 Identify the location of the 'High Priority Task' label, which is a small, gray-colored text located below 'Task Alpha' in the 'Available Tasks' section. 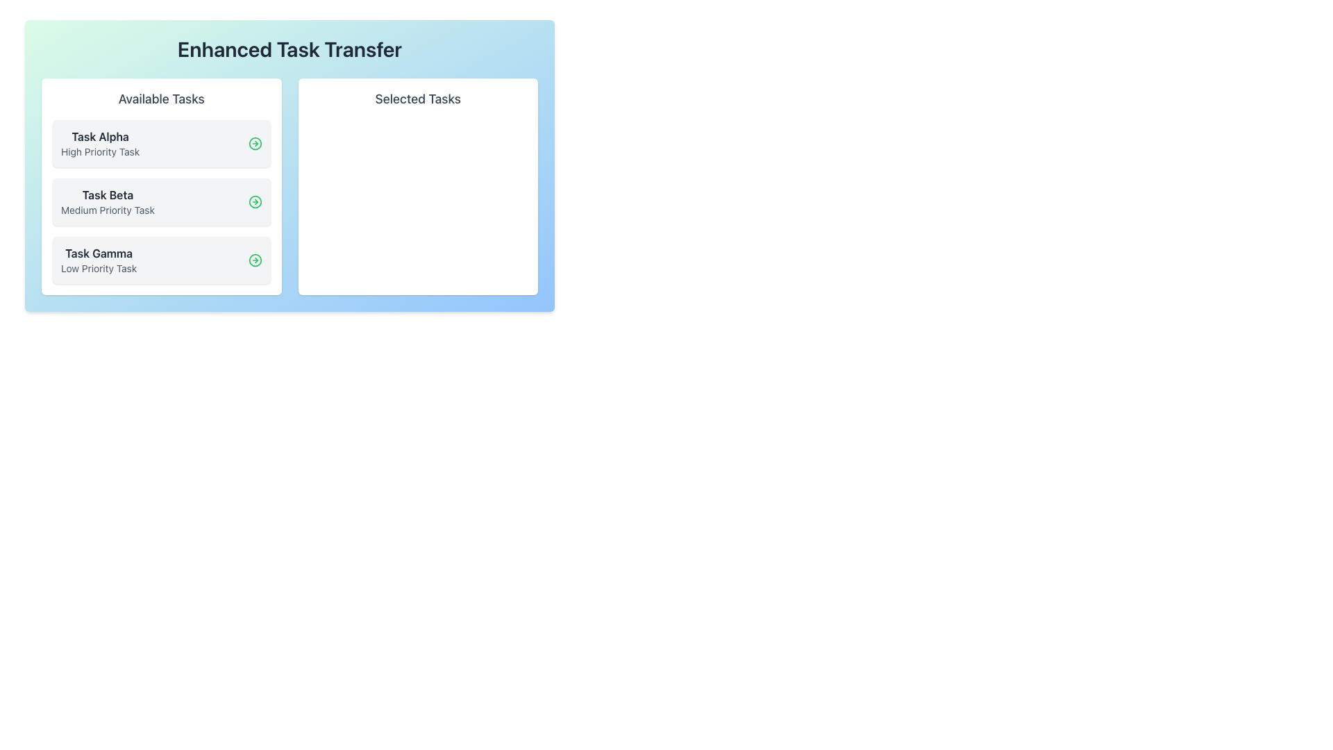
(99, 152).